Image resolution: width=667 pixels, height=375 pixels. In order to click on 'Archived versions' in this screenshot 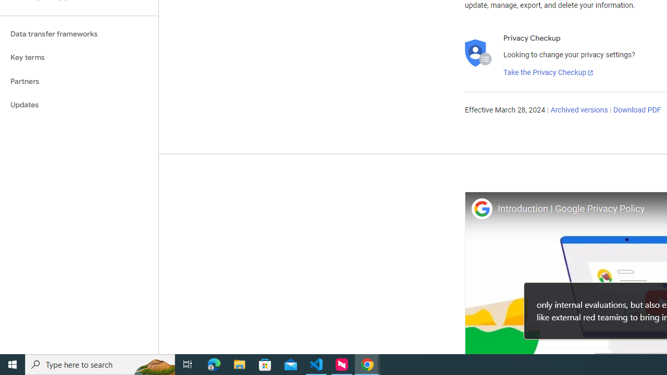, I will do `click(578, 110)`.